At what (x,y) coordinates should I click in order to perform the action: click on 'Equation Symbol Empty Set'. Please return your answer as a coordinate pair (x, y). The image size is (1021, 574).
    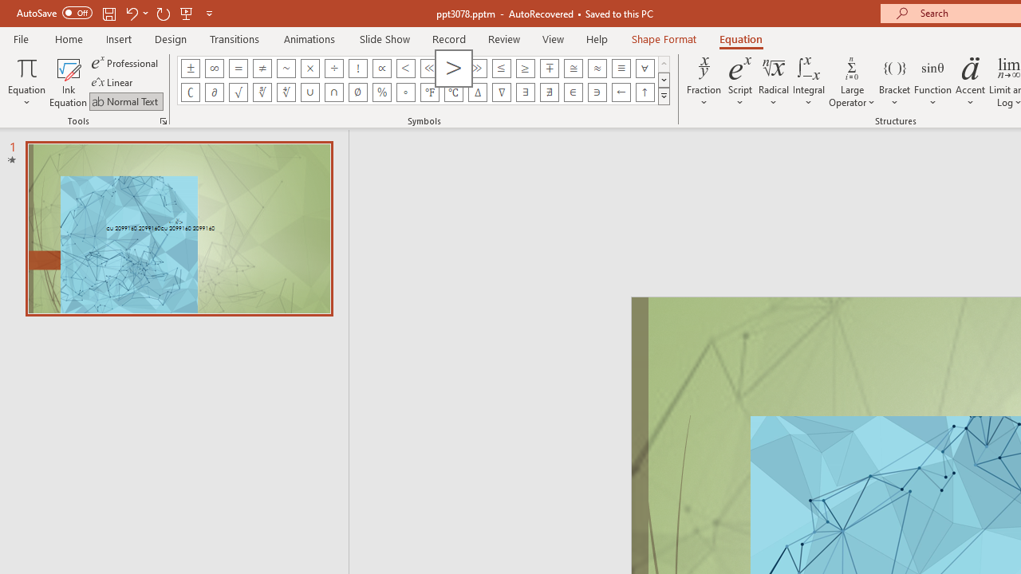
    Looking at the image, I should click on (357, 92).